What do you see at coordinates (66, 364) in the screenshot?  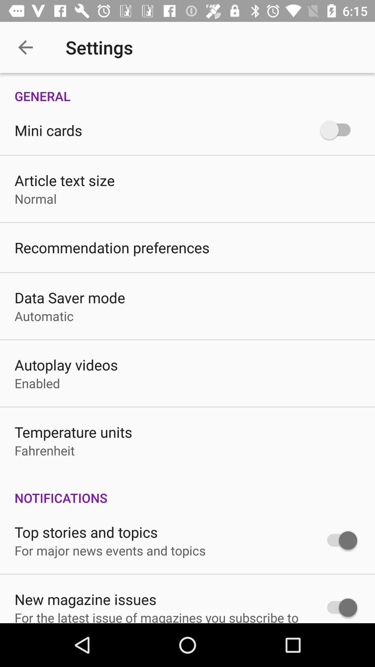 I see `autoplay videos icon` at bounding box center [66, 364].